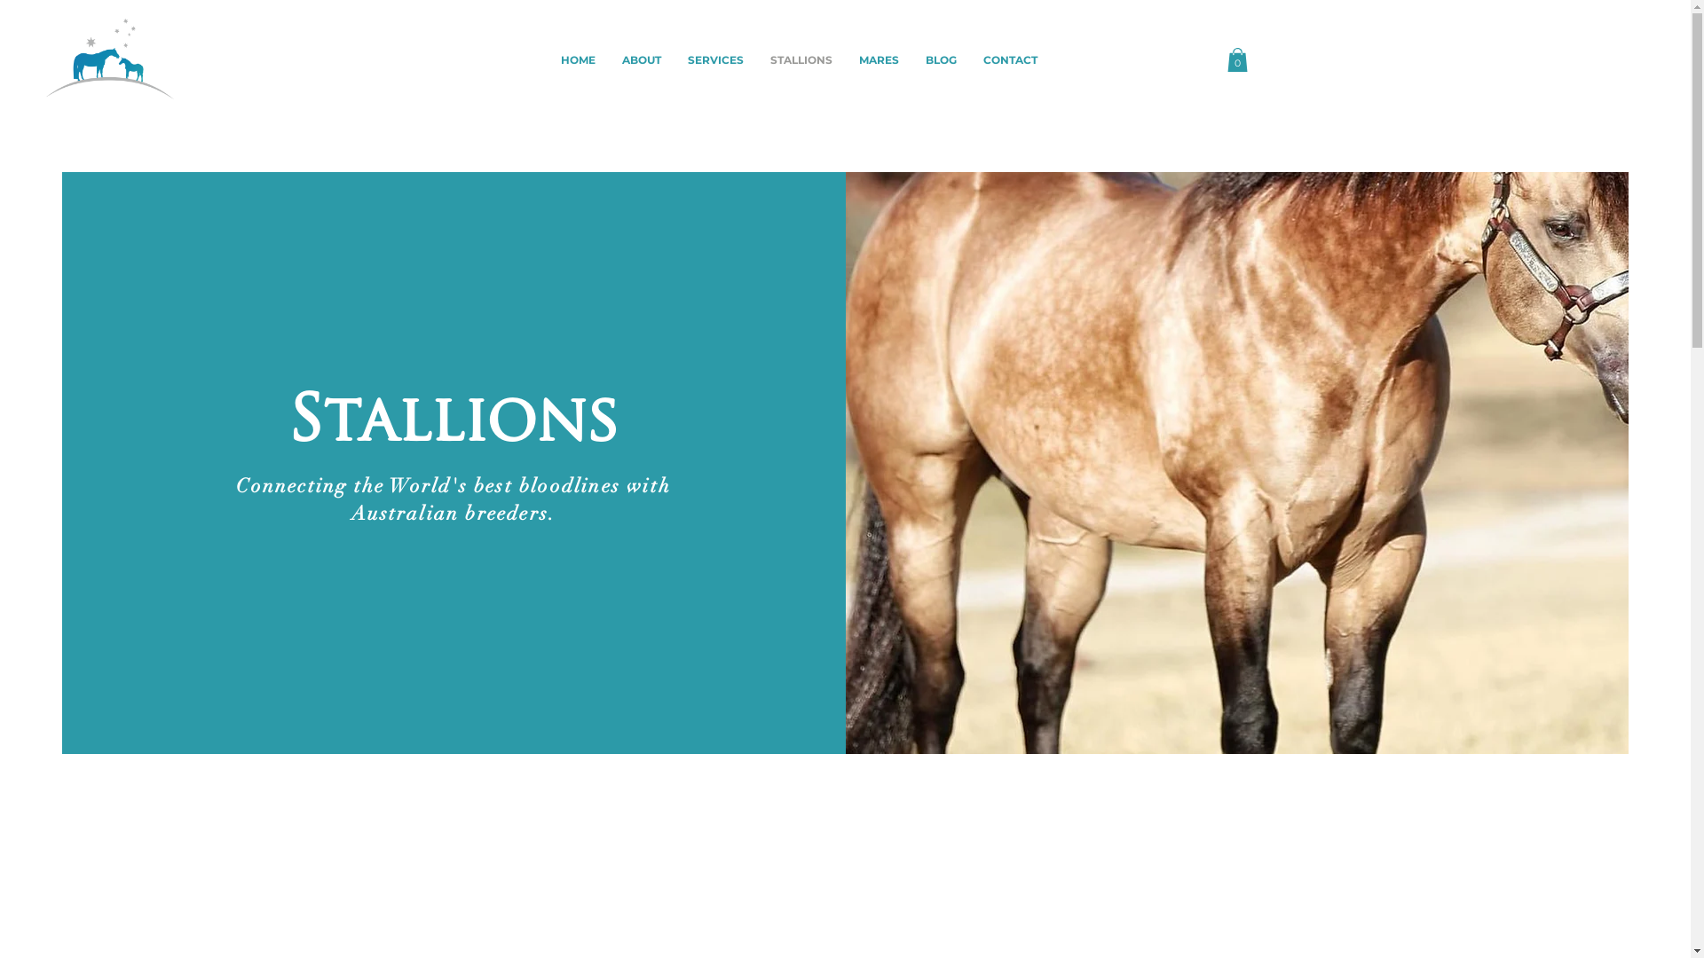 The image size is (1704, 958). What do you see at coordinates (800, 59) in the screenshot?
I see `'STALLIONS'` at bounding box center [800, 59].